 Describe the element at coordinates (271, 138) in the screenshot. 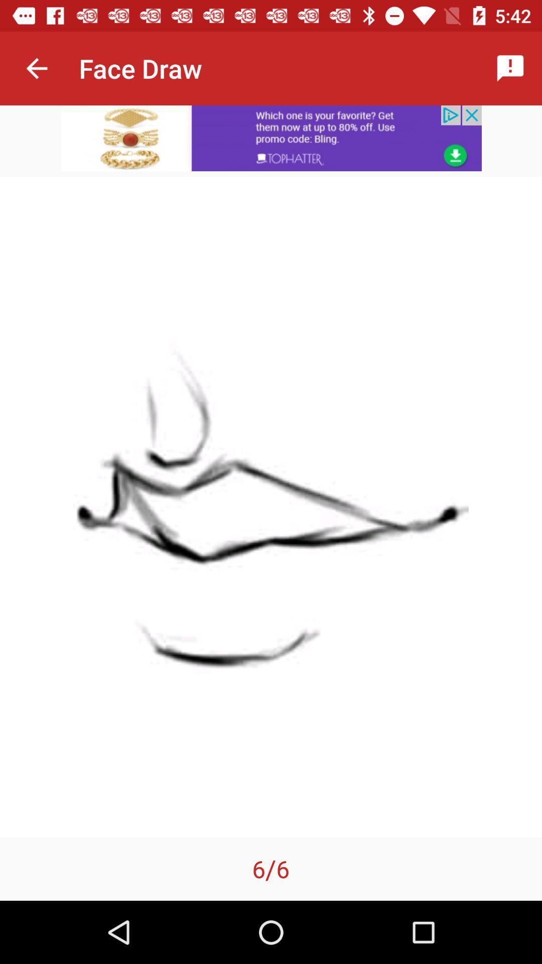

I see `advertisement app` at that location.